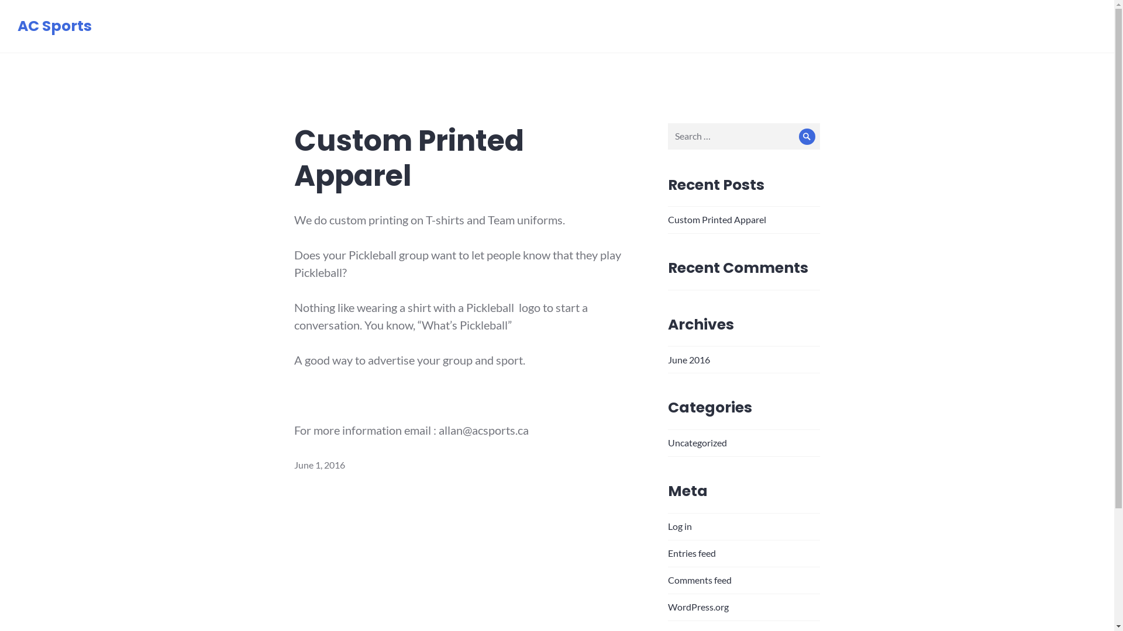 This screenshot has width=1123, height=631. What do you see at coordinates (716, 219) in the screenshot?
I see `'Custom Printed Apparel'` at bounding box center [716, 219].